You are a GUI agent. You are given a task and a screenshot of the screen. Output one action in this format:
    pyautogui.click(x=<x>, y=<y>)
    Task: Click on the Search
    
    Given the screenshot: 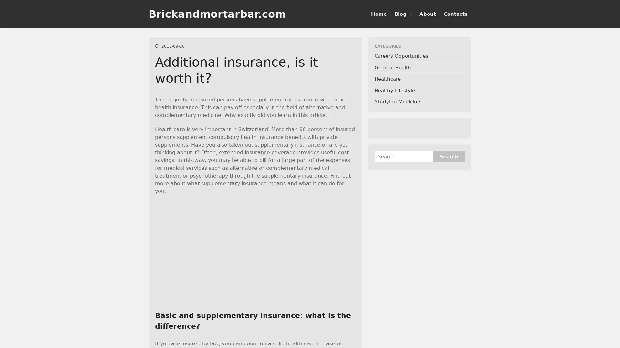 What is the action you would take?
    pyautogui.click(x=449, y=157)
    